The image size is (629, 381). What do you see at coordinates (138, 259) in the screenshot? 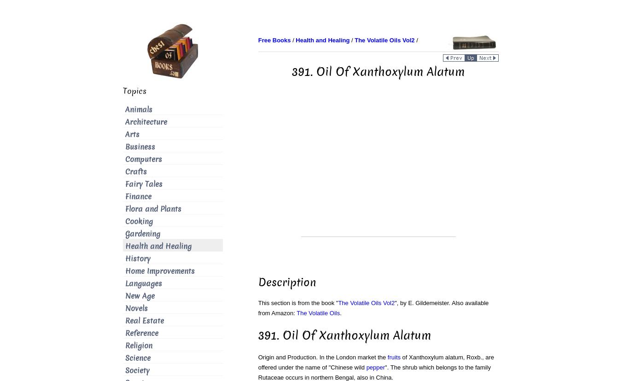
I see `'History'` at bounding box center [138, 259].